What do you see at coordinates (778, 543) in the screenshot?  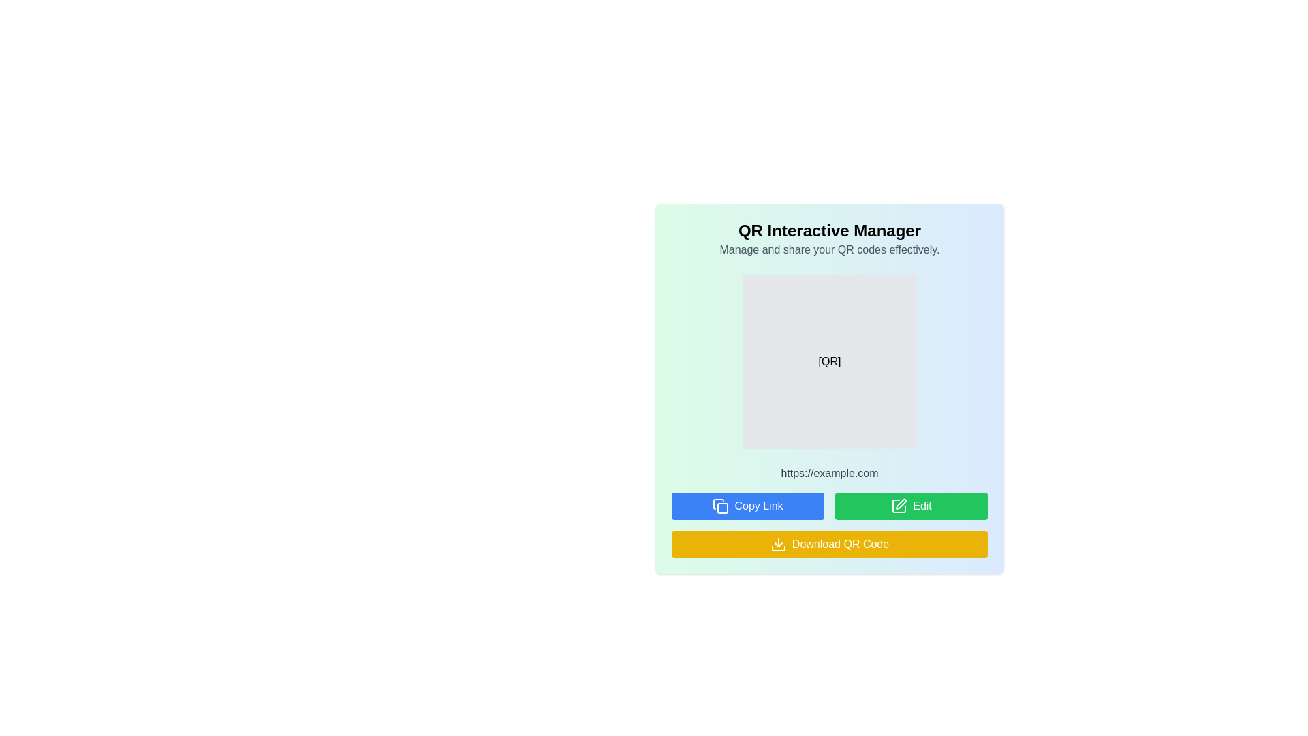 I see `the small yellow download icon located on the left side of the 'Download QR Code' button, which features a downward arrow and a horizontal line below it` at bounding box center [778, 543].